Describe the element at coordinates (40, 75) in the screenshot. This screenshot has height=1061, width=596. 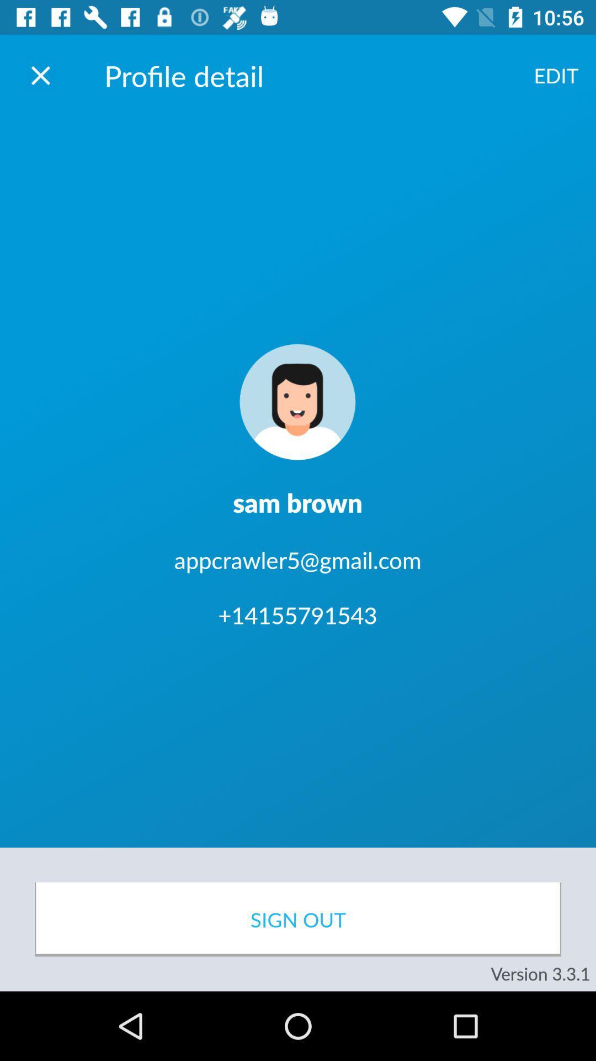
I see `x icon on top left hand of the screen will exit you from the current screen` at that location.